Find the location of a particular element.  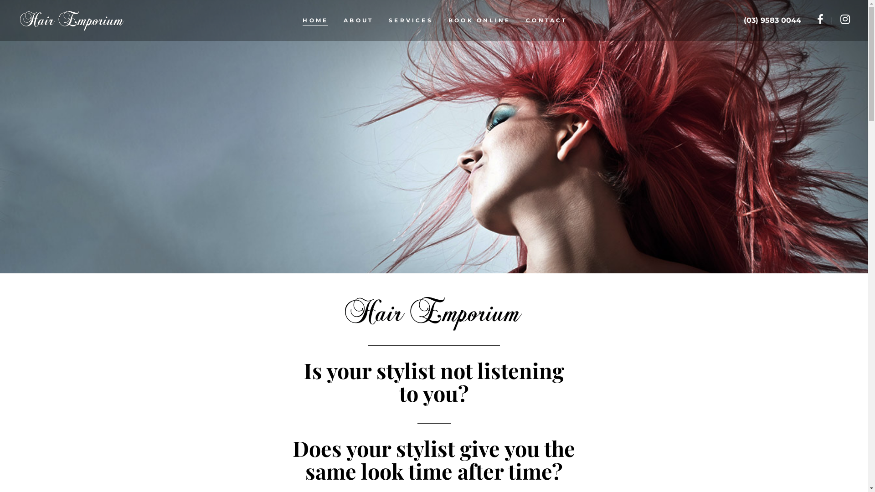

'(03) 9583 0044' is located at coordinates (772, 20).